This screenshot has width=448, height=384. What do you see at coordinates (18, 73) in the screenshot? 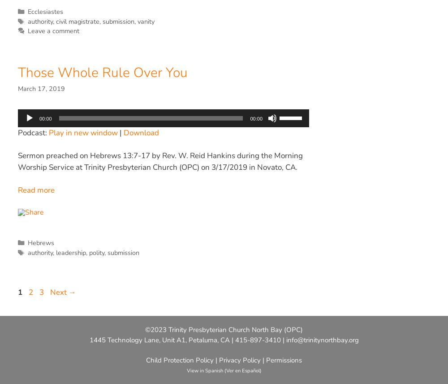
I see `'Those Whole Rule Over You'` at bounding box center [18, 73].